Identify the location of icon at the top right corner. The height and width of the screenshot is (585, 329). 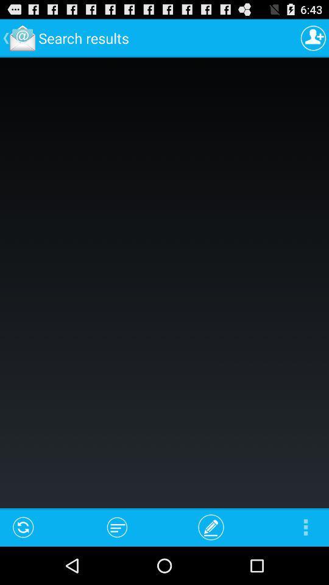
(313, 38).